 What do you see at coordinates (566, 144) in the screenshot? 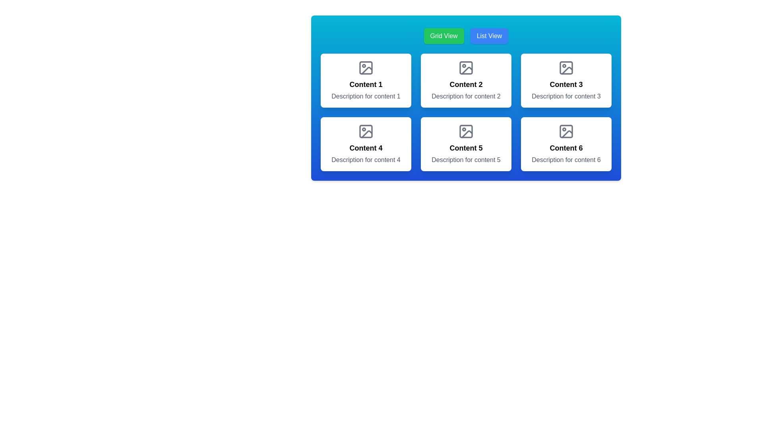
I see `the image placeholder icon at the top section of the Content Card, which is the sixth card in a grid layout` at bounding box center [566, 144].